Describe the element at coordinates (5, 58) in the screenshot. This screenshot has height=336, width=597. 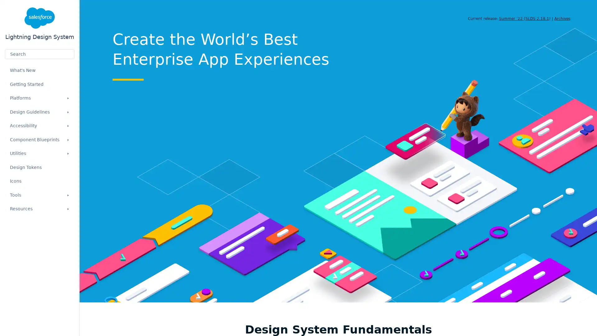
I see `Submit your search query` at that location.